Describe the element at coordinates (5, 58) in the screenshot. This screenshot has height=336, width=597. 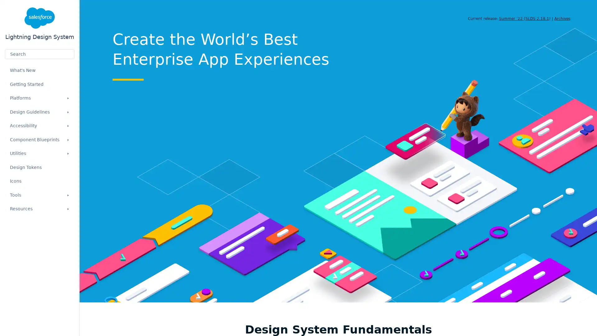
I see `Submit your search query` at that location.